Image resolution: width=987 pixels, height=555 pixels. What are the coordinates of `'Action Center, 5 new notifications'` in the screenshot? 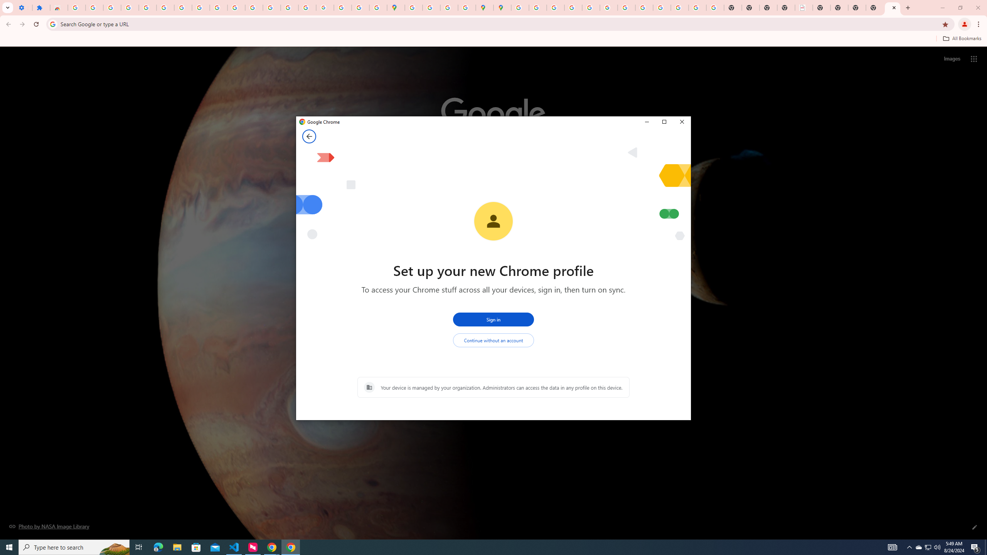 It's located at (975, 547).